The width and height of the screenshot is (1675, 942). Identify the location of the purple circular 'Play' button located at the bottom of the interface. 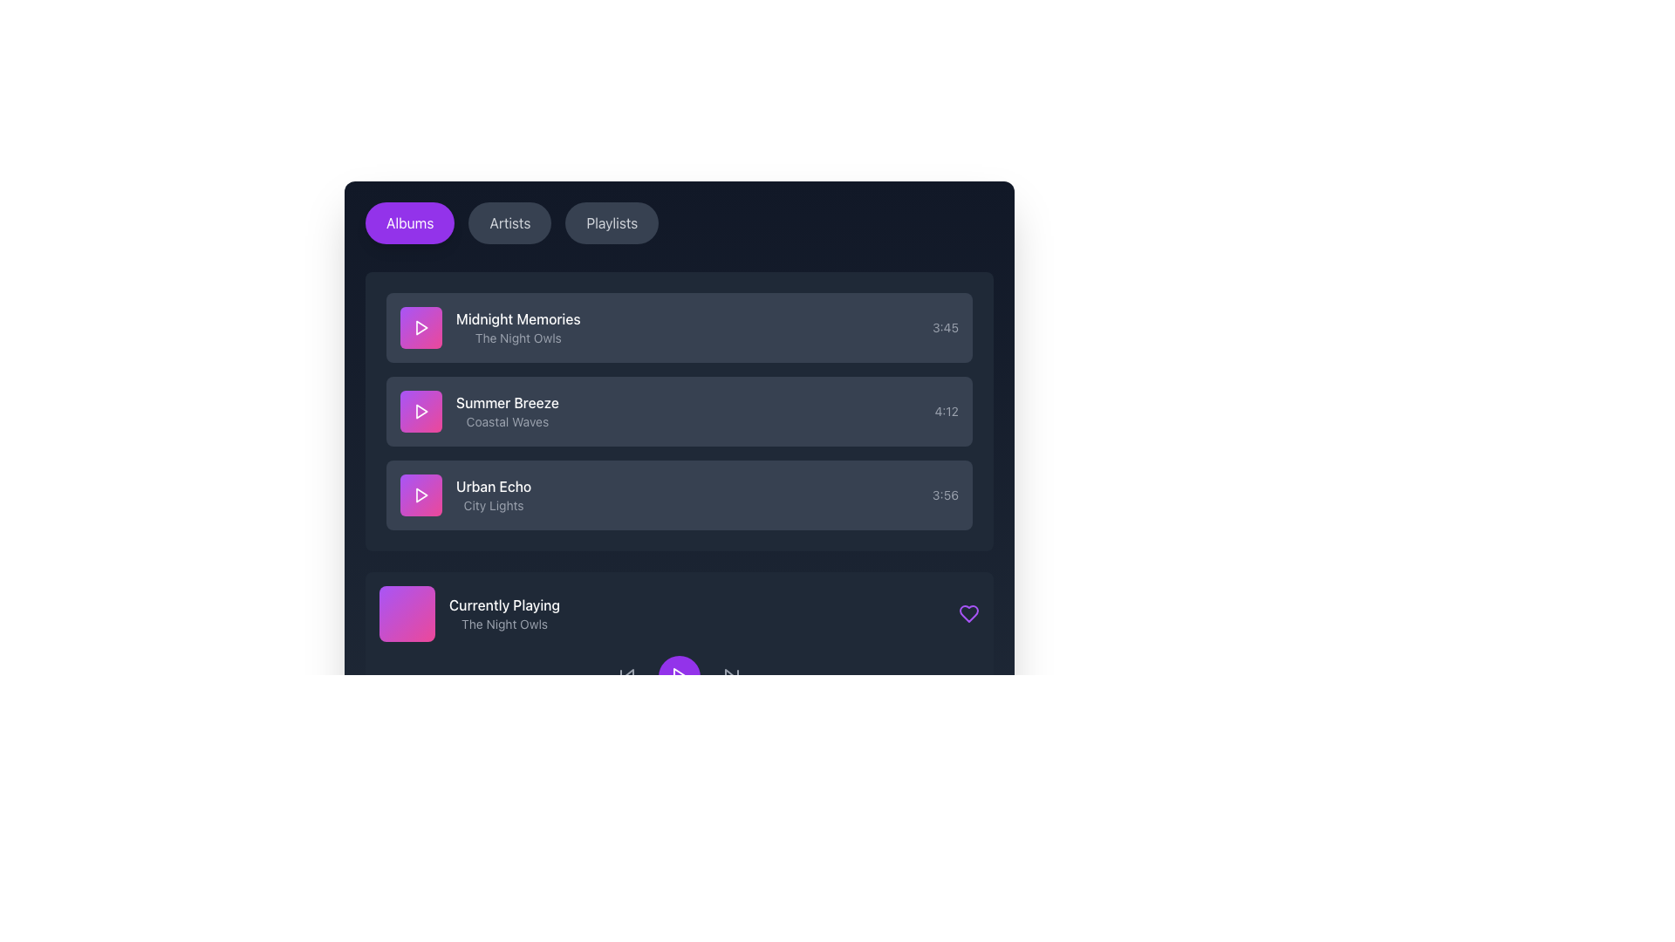
(678, 675).